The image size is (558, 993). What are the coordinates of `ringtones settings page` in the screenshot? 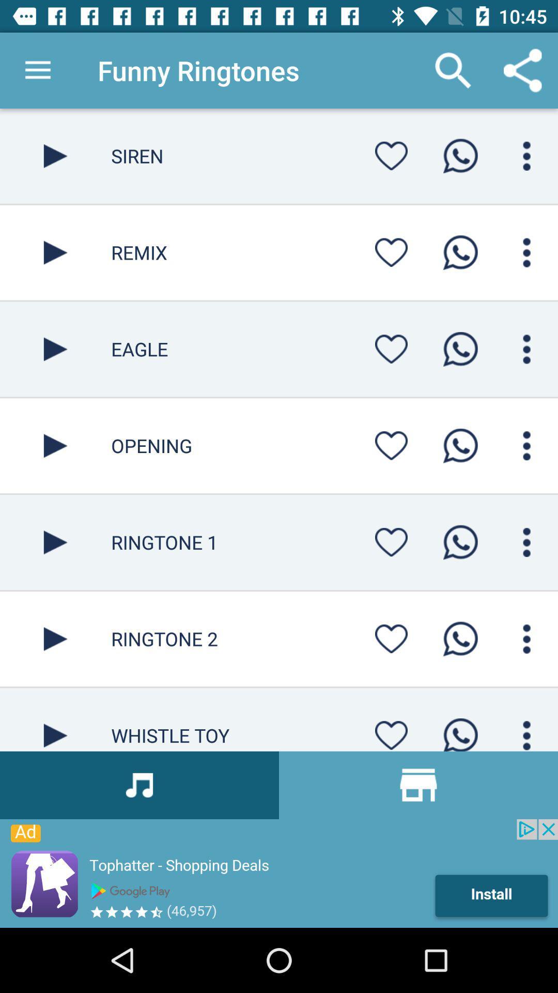 It's located at (391, 155).